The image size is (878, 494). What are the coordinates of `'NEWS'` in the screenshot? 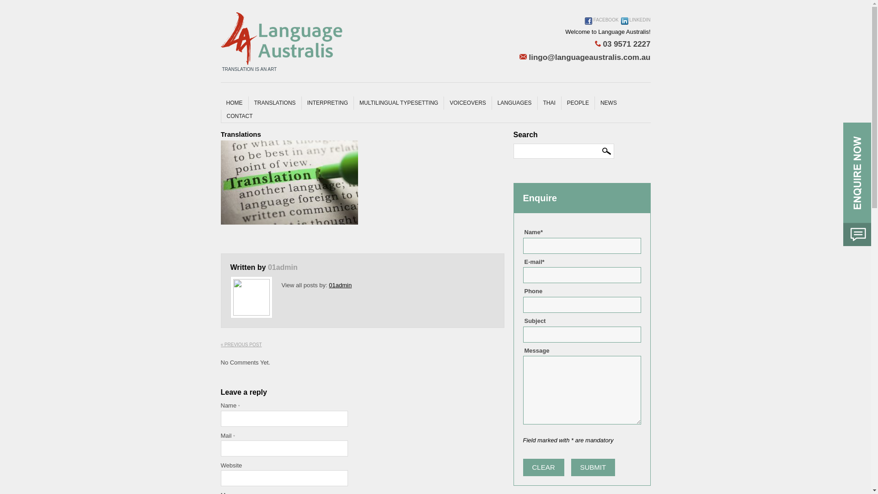 It's located at (608, 103).